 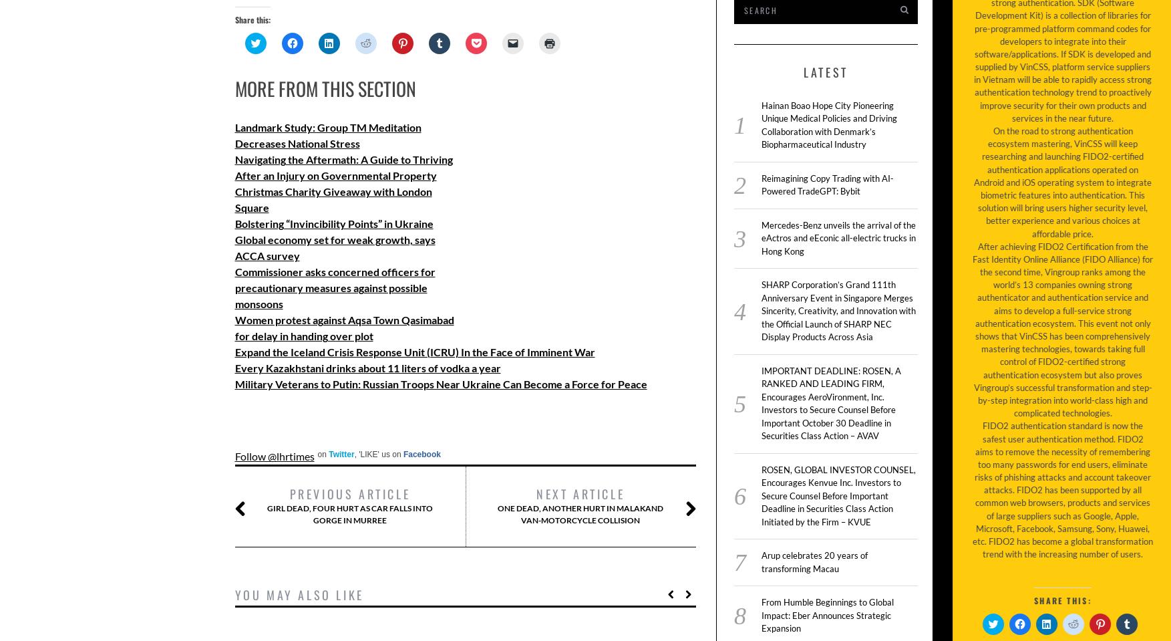 What do you see at coordinates (329, 455) in the screenshot?
I see `'Twitter'` at bounding box center [329, 455].